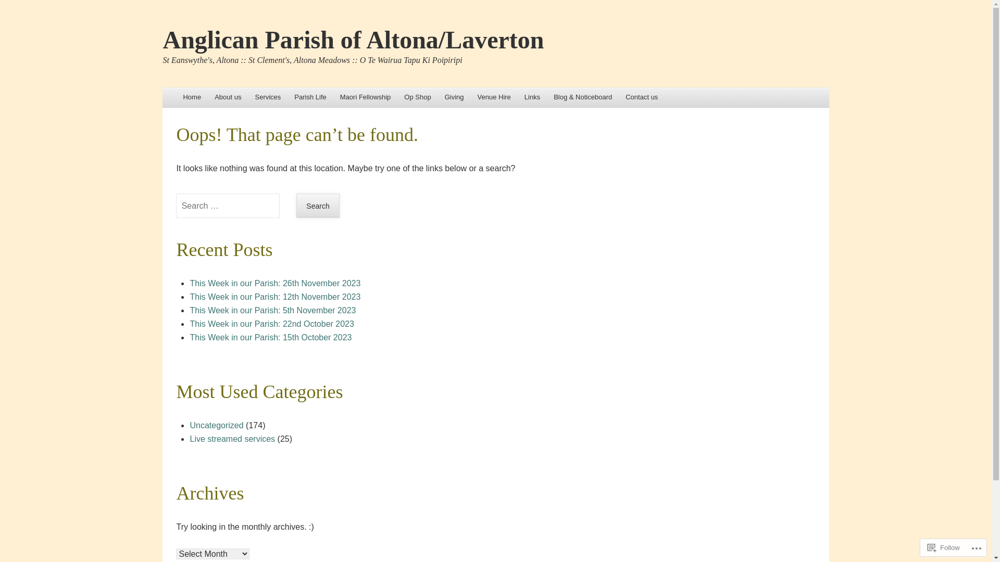  Describe the element at coordinates (438, 97) in the screenshot. I see `'Giving'` at that location.